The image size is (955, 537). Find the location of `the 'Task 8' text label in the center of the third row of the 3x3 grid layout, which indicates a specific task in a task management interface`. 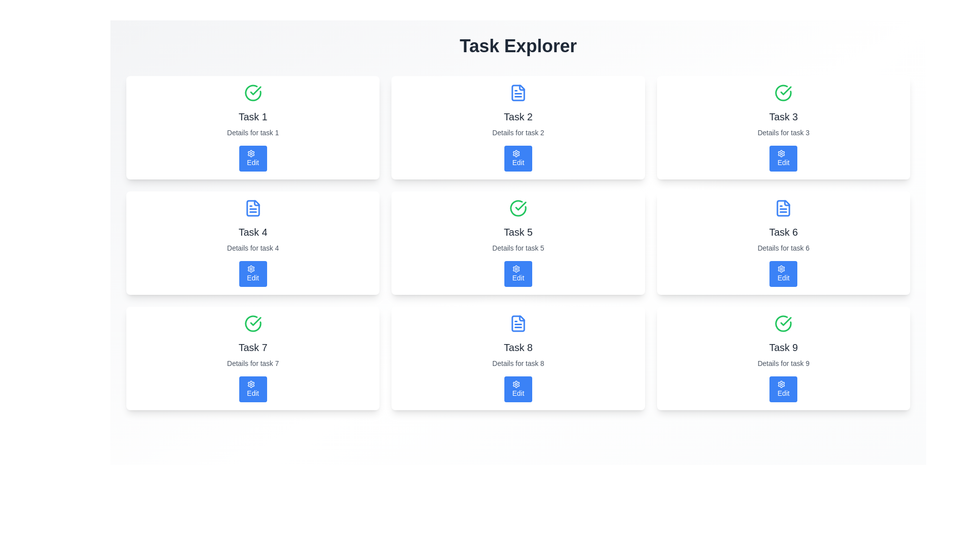

the 'Task 8' text label in the center of the third row of the 3x3 grid layout, which indicates a specific task in a task management interface is located at coordinates (517, 347).